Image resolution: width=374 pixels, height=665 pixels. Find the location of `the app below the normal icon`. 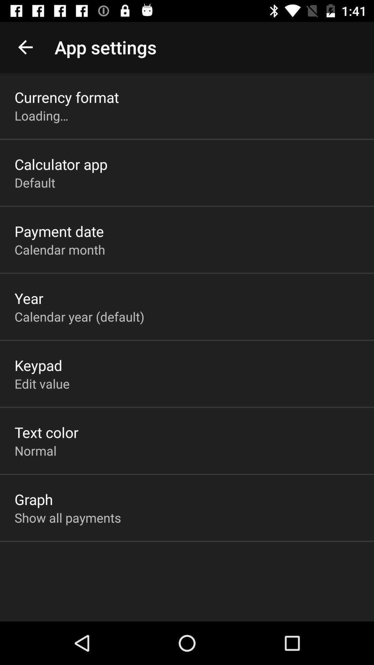

the app below the normal icon is located at coordinates (34, 499).